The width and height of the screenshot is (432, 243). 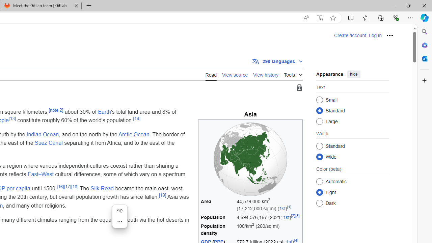 I want to click on 'Create account', so click(x=350, y=35).